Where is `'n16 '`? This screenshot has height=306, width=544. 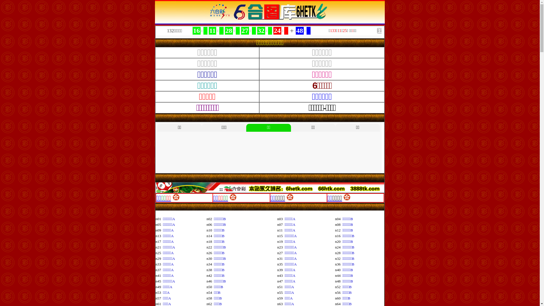 'n16 ' is located at coordinates (339, 236).